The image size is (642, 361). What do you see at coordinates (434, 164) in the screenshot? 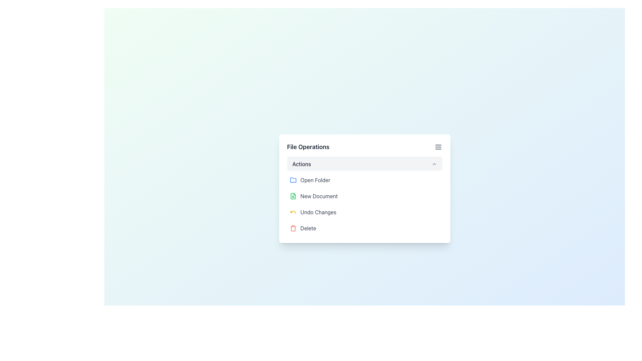
I see `the Up-chevron icon located at the far right of the 'Actions' row` at bounding box center [434, 164].